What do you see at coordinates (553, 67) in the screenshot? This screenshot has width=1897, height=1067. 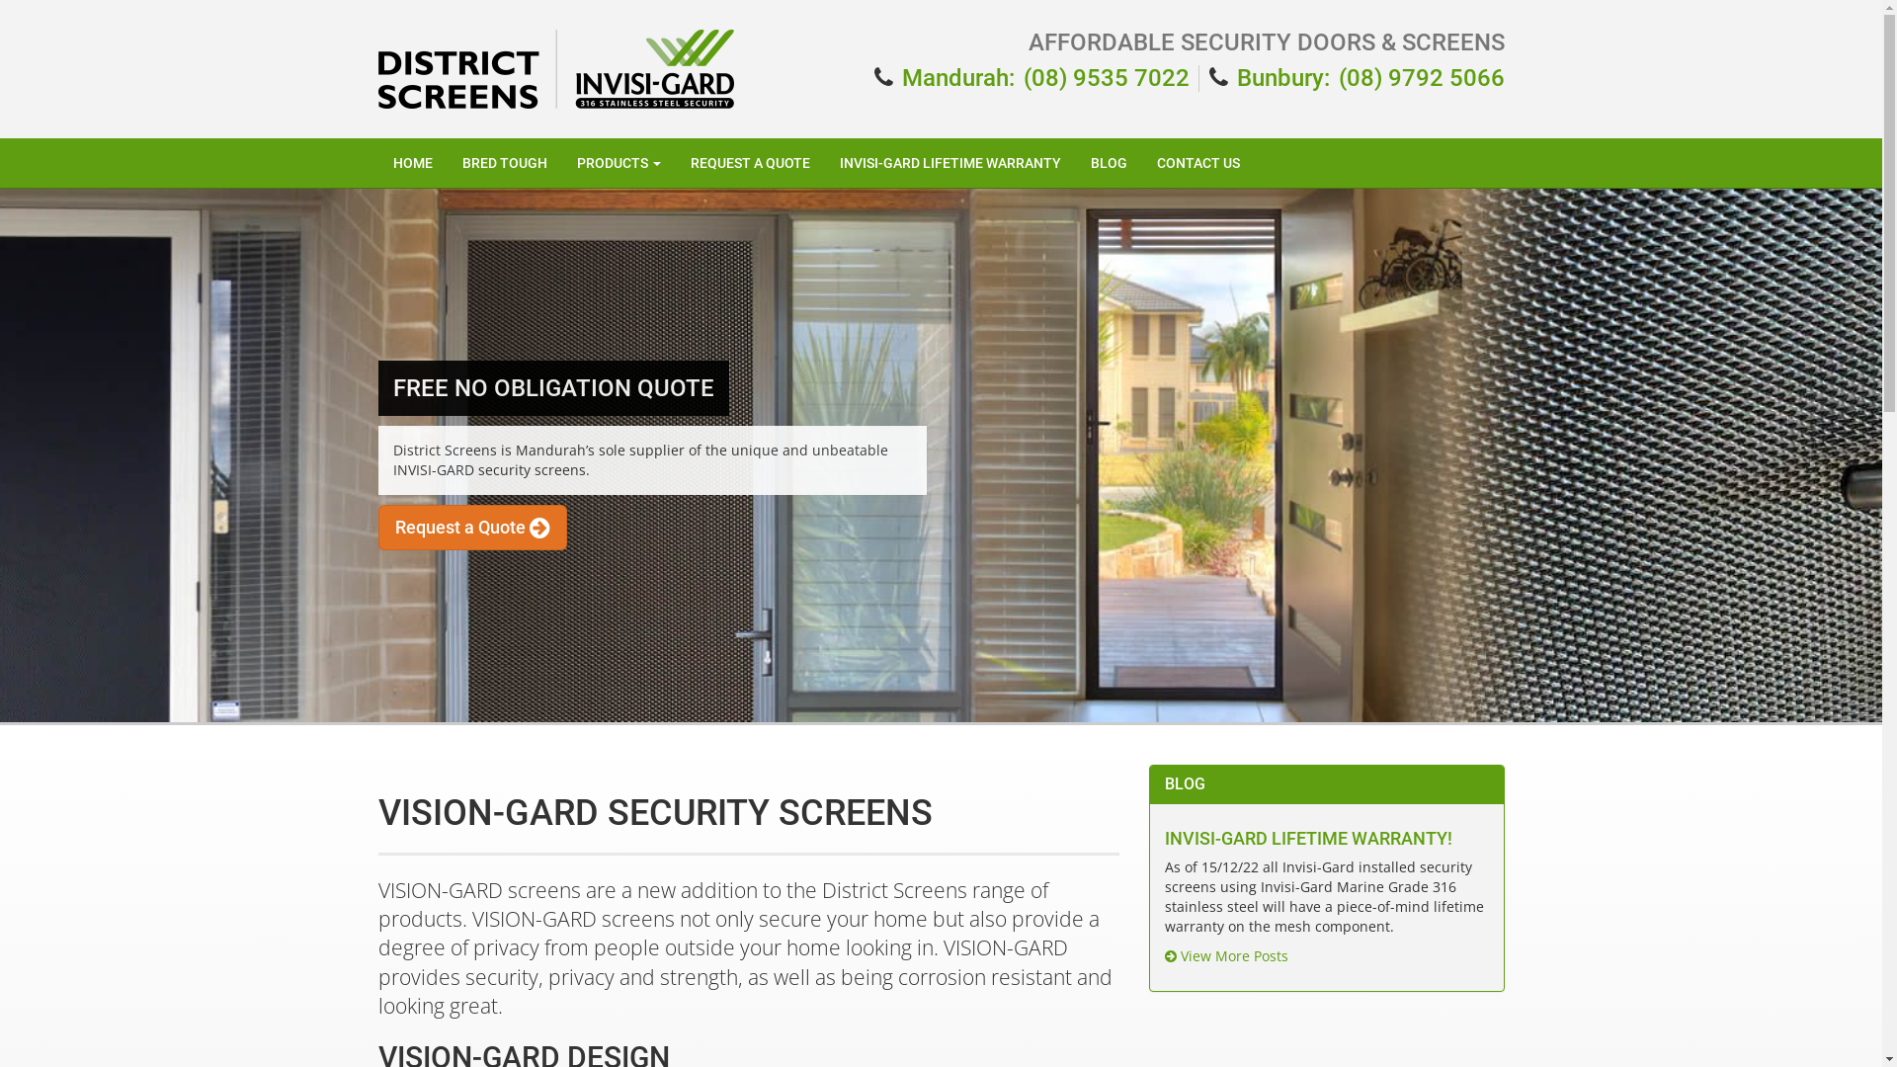 I see `'District Screens Logo'` at bounding box center [553, 67].